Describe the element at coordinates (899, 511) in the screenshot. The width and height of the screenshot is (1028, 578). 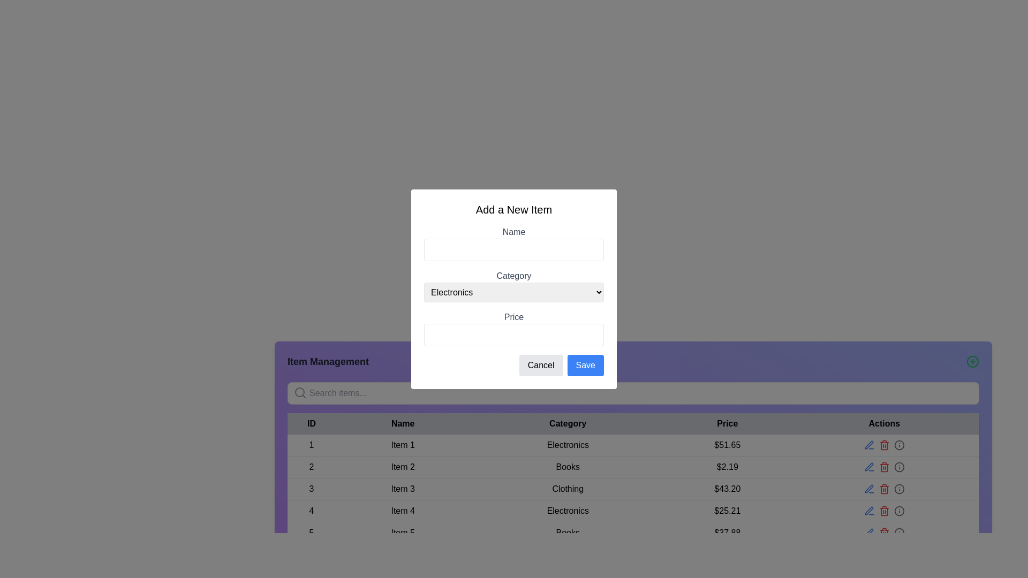
I see `the circular UI indicator located in the 'Actions' column of the table, specifically in the fourth row for the 'Electronics' category` at that location.